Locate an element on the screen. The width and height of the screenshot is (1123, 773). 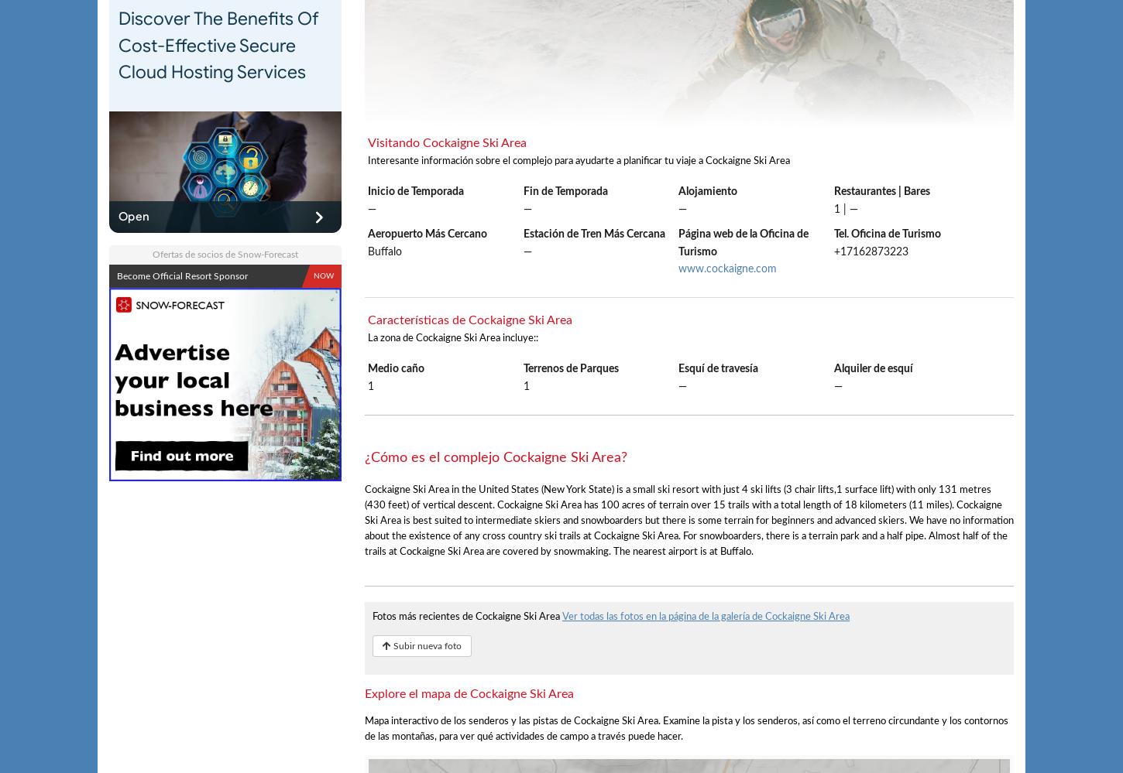
'Características de Cockaigne Ski Area' is located at coordinates (469, 319).